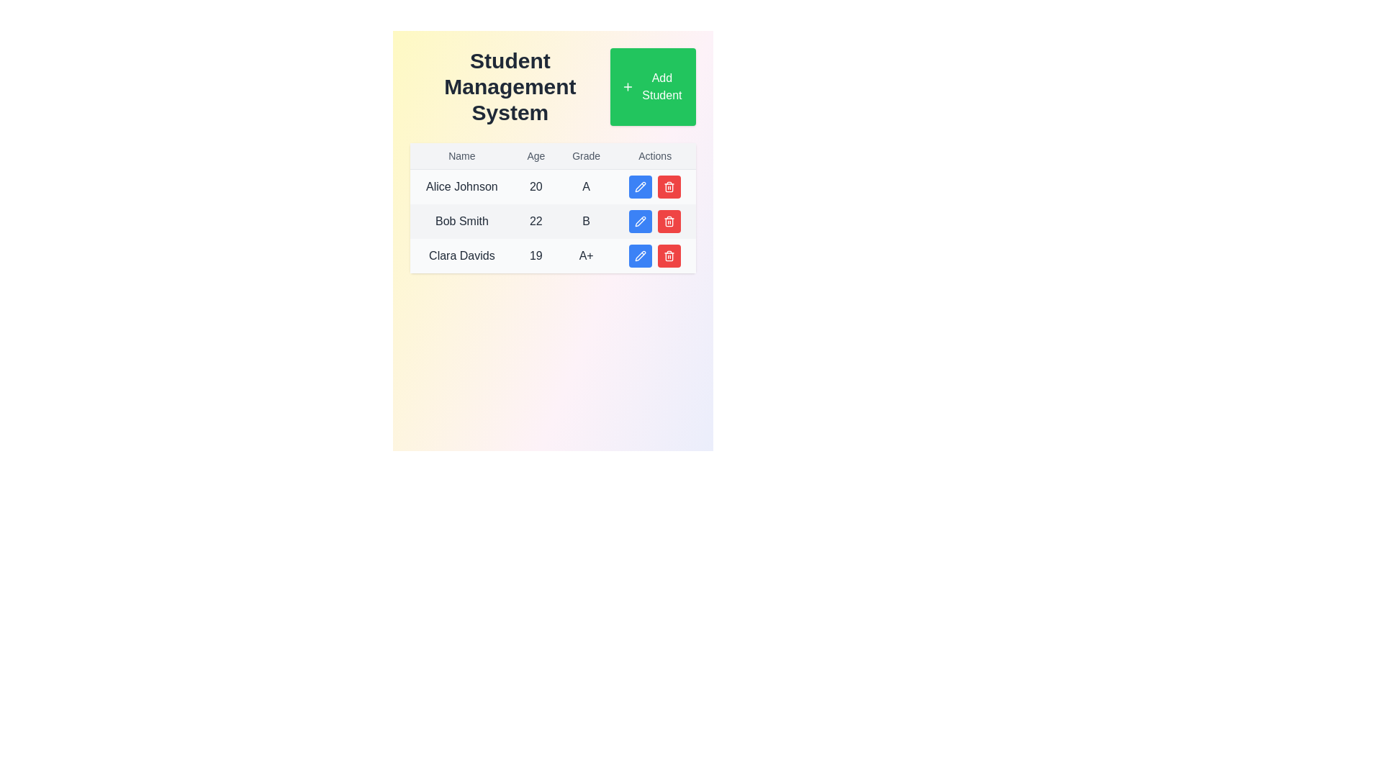 The height and width of the screenshot is (777, 1382). Describe the element at coordinates (586, 156) in the screenshot. I see `the text label displaying 'Grade', which is the third column header in the table, located between 'Age' and 'Actions'` at that location.